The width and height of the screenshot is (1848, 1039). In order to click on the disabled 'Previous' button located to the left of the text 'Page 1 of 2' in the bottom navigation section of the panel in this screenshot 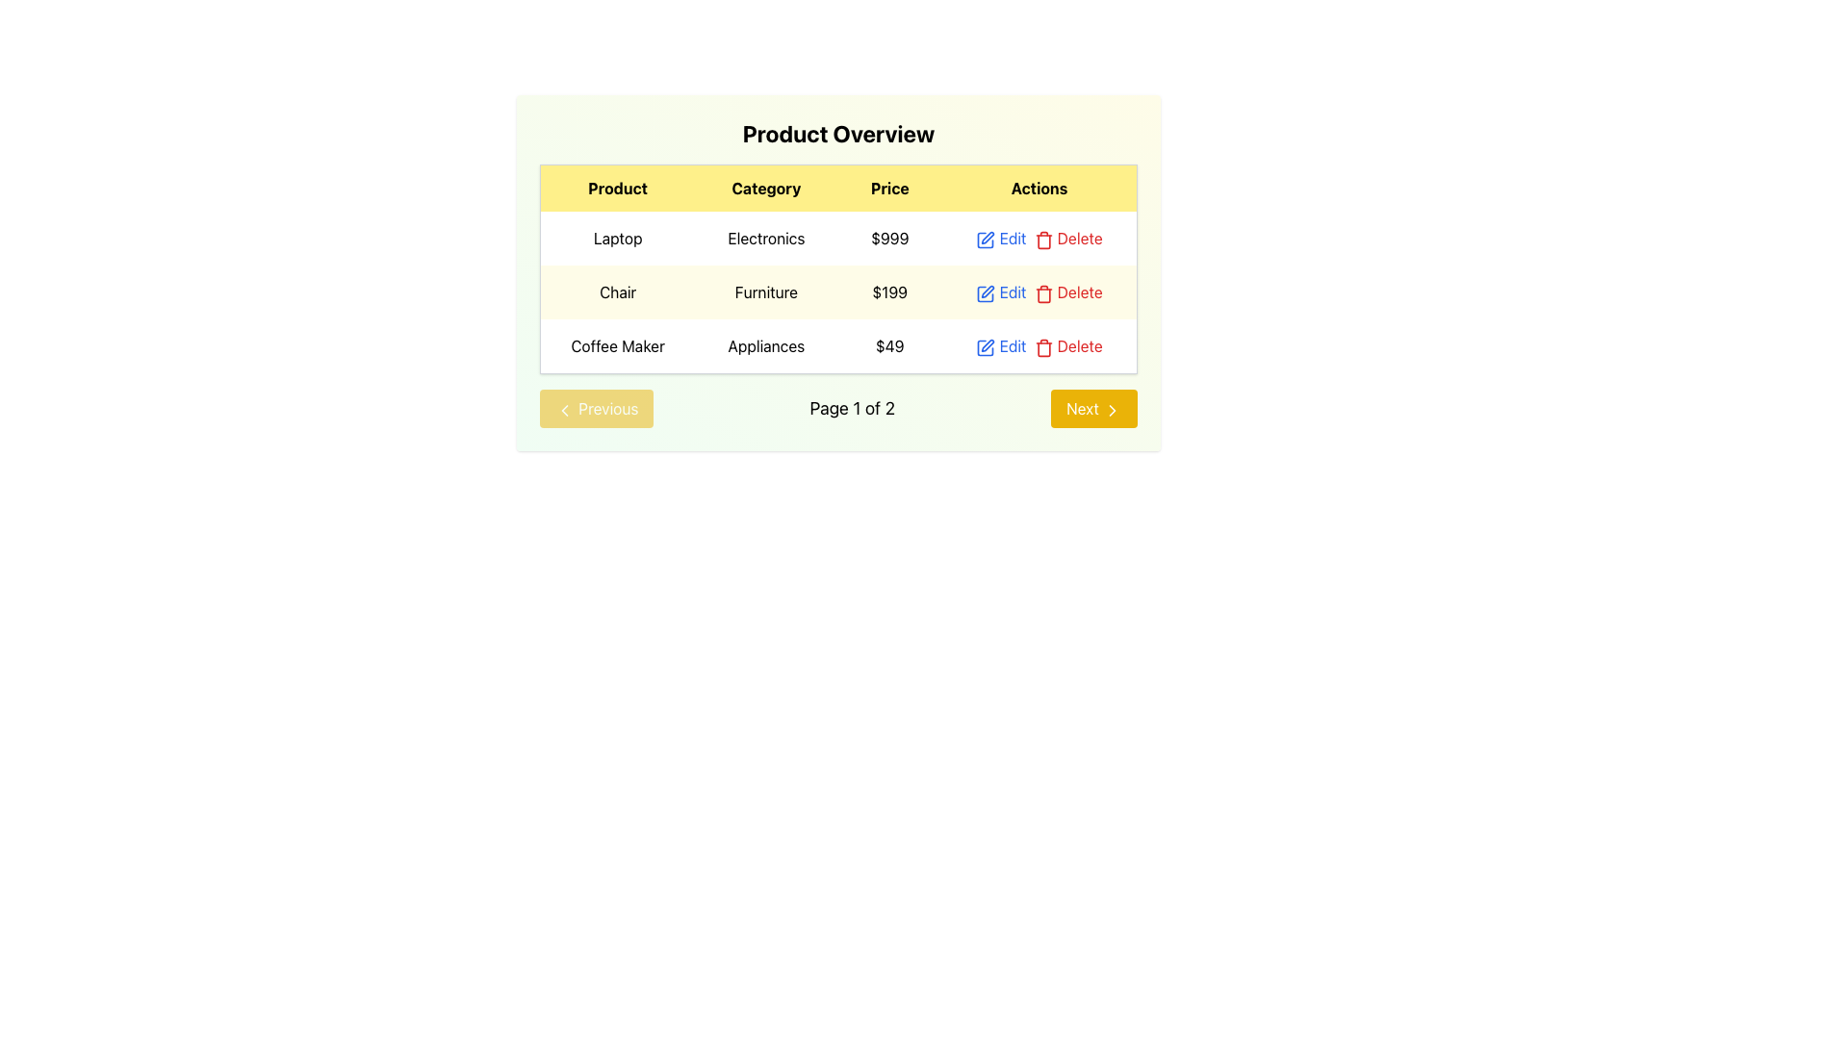, I will do `click(596, 407)`.